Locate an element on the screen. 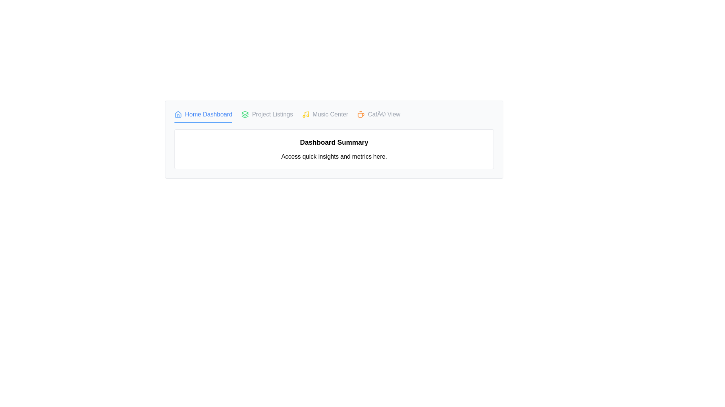  the 'Home Dashboard' tab in the navigation bar is located at coordinates (333, 116).